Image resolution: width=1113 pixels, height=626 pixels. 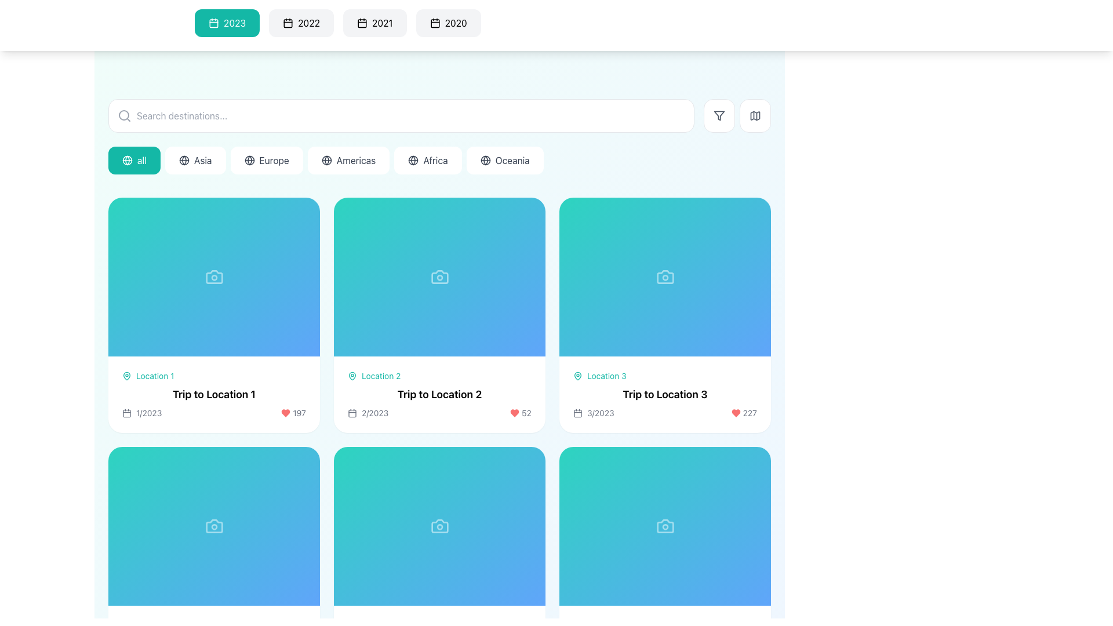 I want to click on the 'Europe' button, which contains a globe icon on the left side, to apply the filter for travel destinations, so click(x=249, y=161).